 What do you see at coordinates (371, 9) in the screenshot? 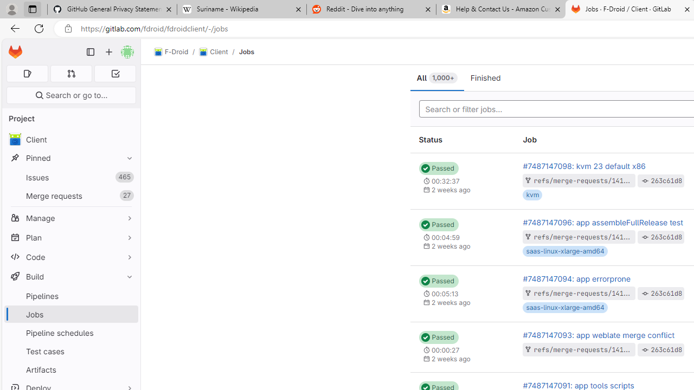
I see `'Reddit - Dive into anything'` at bounding box center [371, 9].